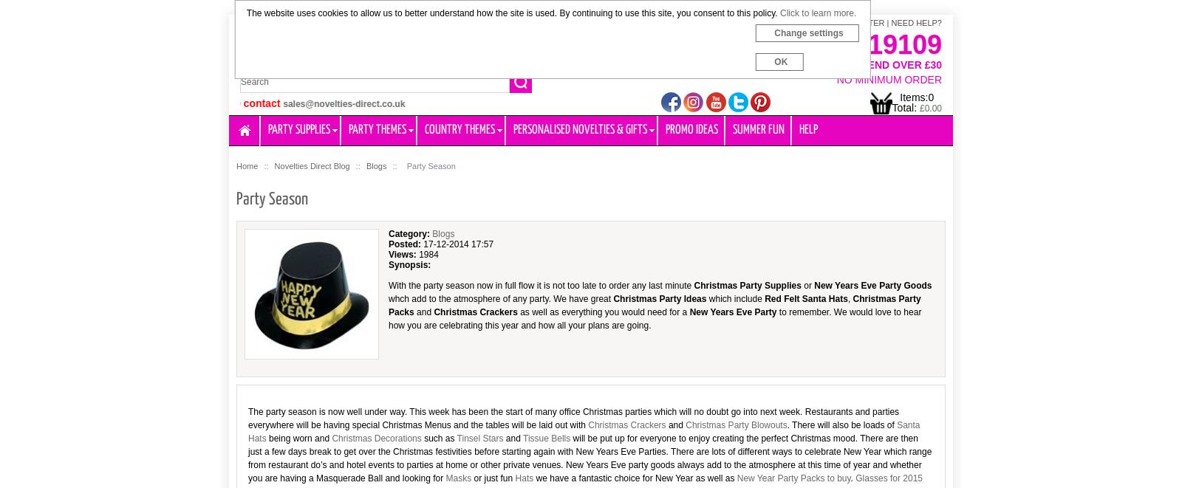 This screenshot has height=488, width=1182. I want to click on 'New Years Eve Party', so click(732, 312).